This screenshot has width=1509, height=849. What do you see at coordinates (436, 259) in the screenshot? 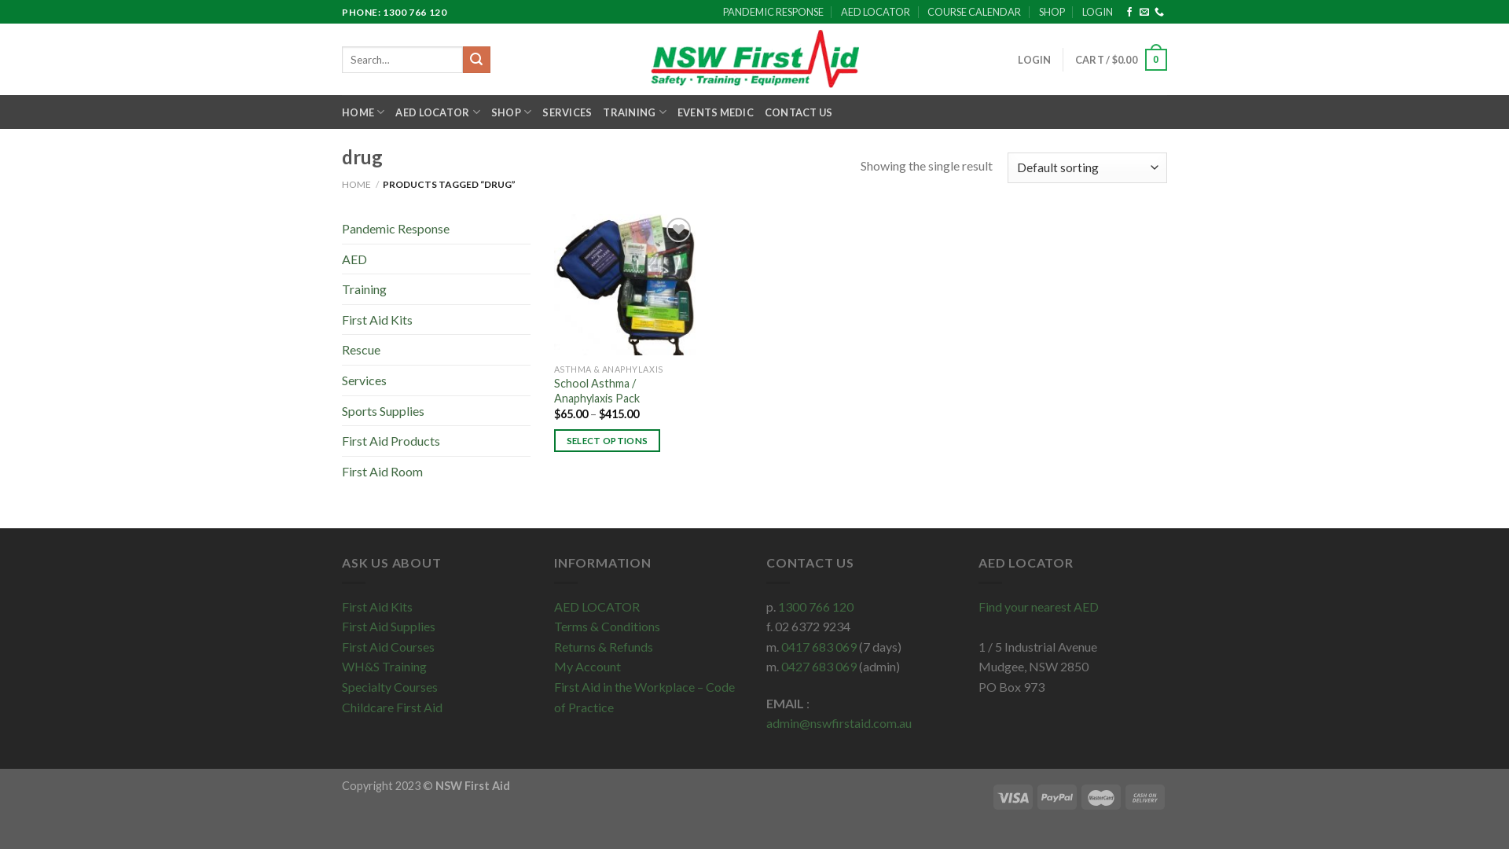
I see `'AED'` at bounding box center [436, 259].